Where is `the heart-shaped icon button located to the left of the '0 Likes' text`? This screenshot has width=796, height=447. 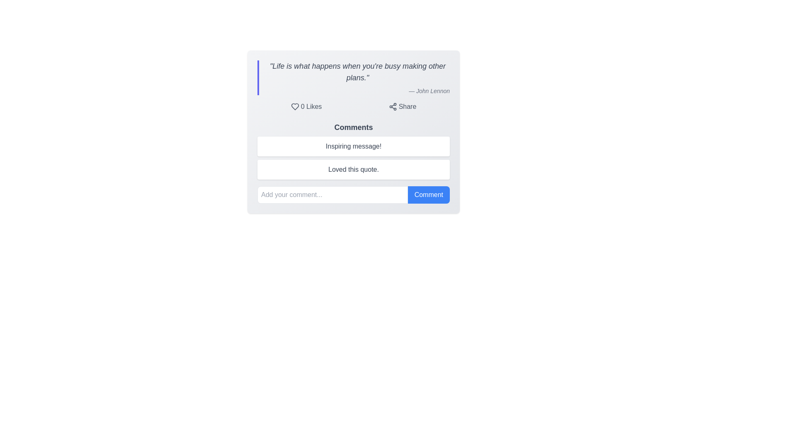 the heart-shaped icon button located to the left of the '0 Likes' text is located at coordinates (295, 106).